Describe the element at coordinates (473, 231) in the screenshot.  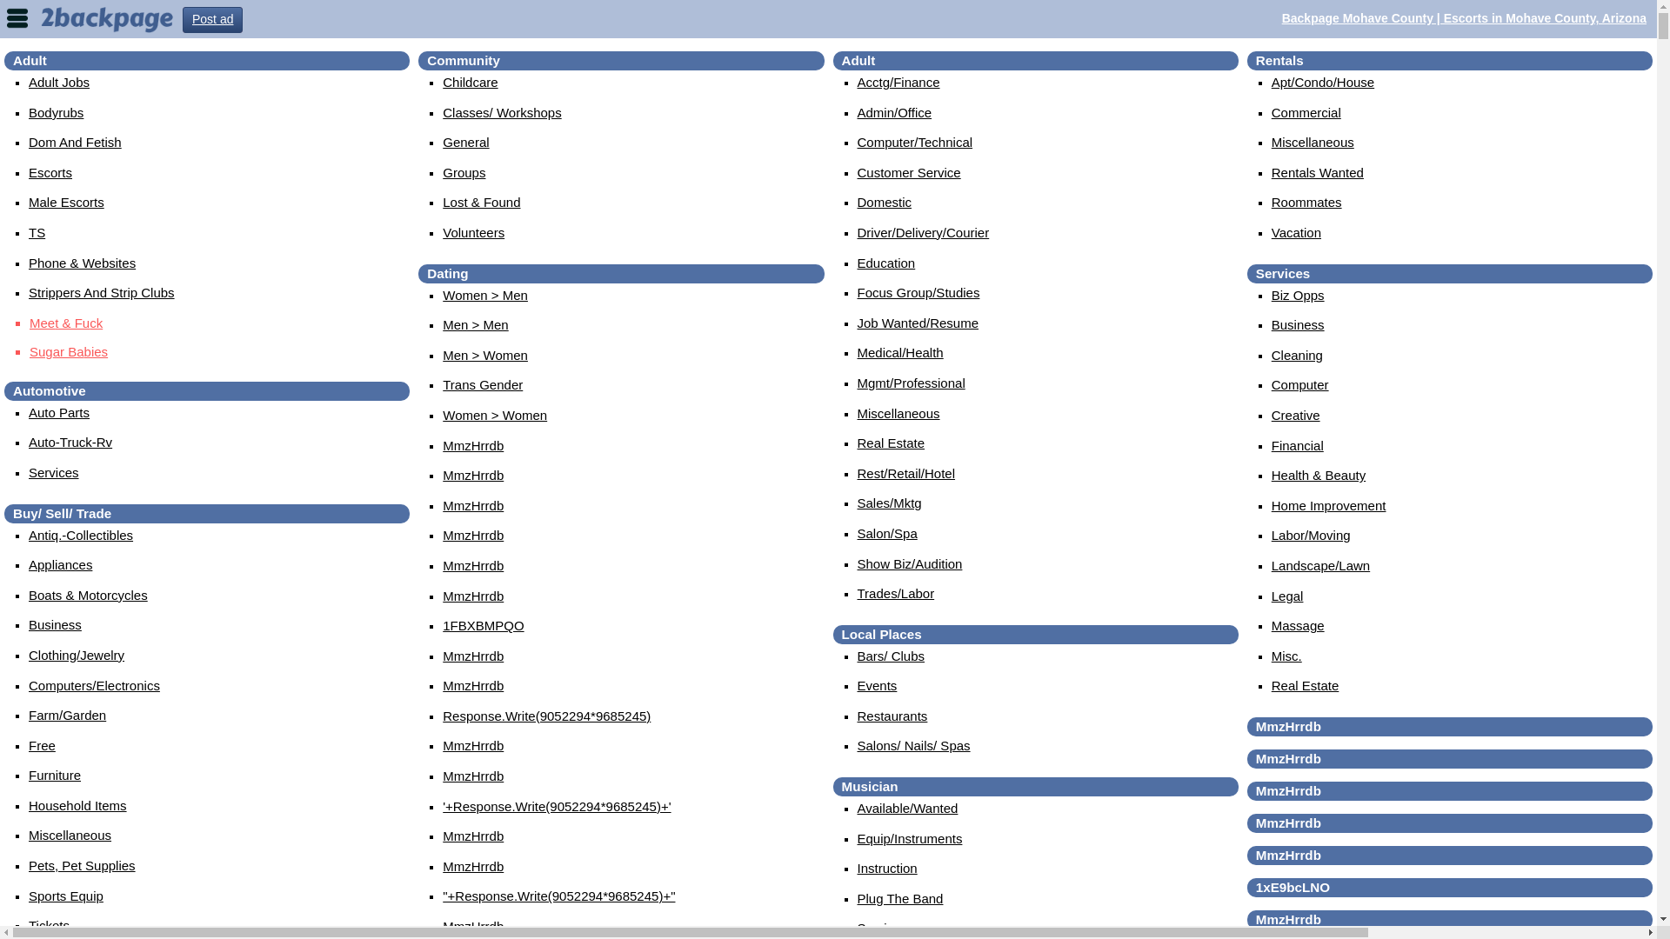
I see `'Volunteers'` at that location.